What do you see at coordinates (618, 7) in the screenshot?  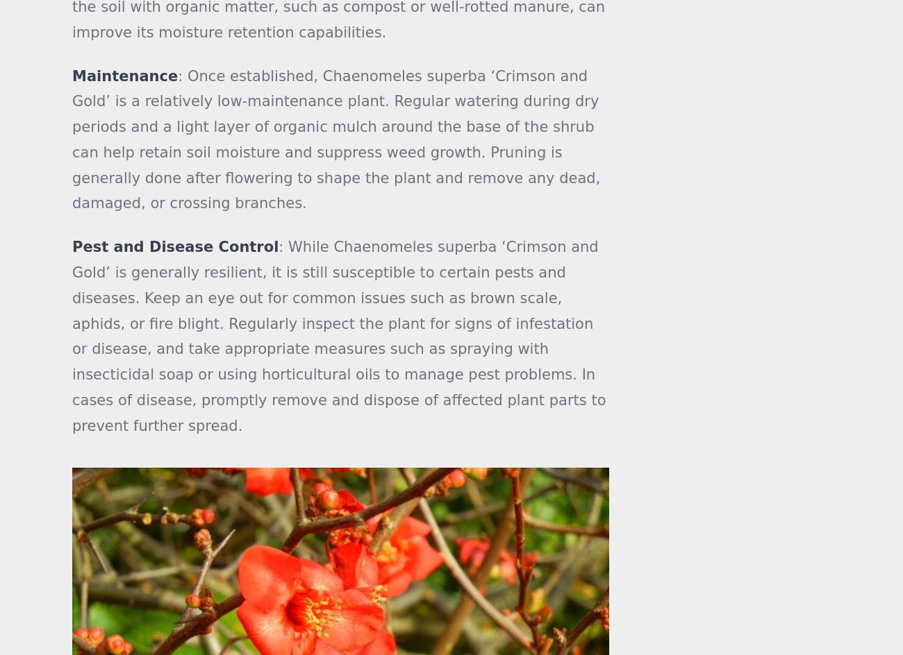 I see `'Partial Shade'` at bounding box center [618, 7].